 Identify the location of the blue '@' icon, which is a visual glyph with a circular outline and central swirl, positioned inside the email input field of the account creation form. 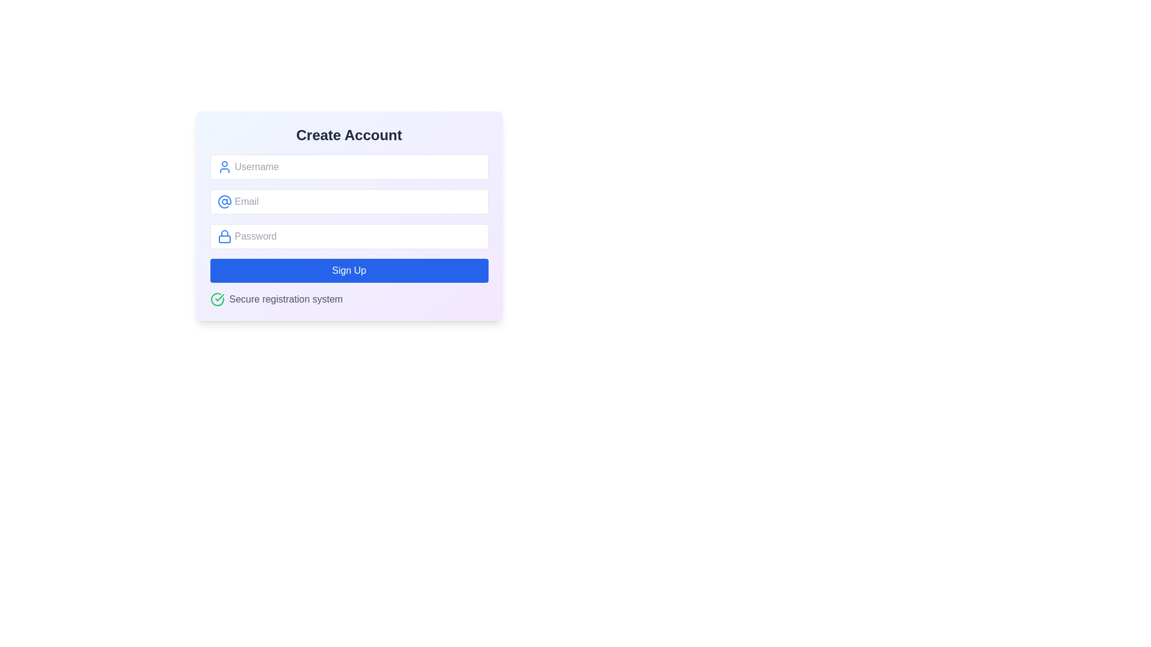
(224, 201).